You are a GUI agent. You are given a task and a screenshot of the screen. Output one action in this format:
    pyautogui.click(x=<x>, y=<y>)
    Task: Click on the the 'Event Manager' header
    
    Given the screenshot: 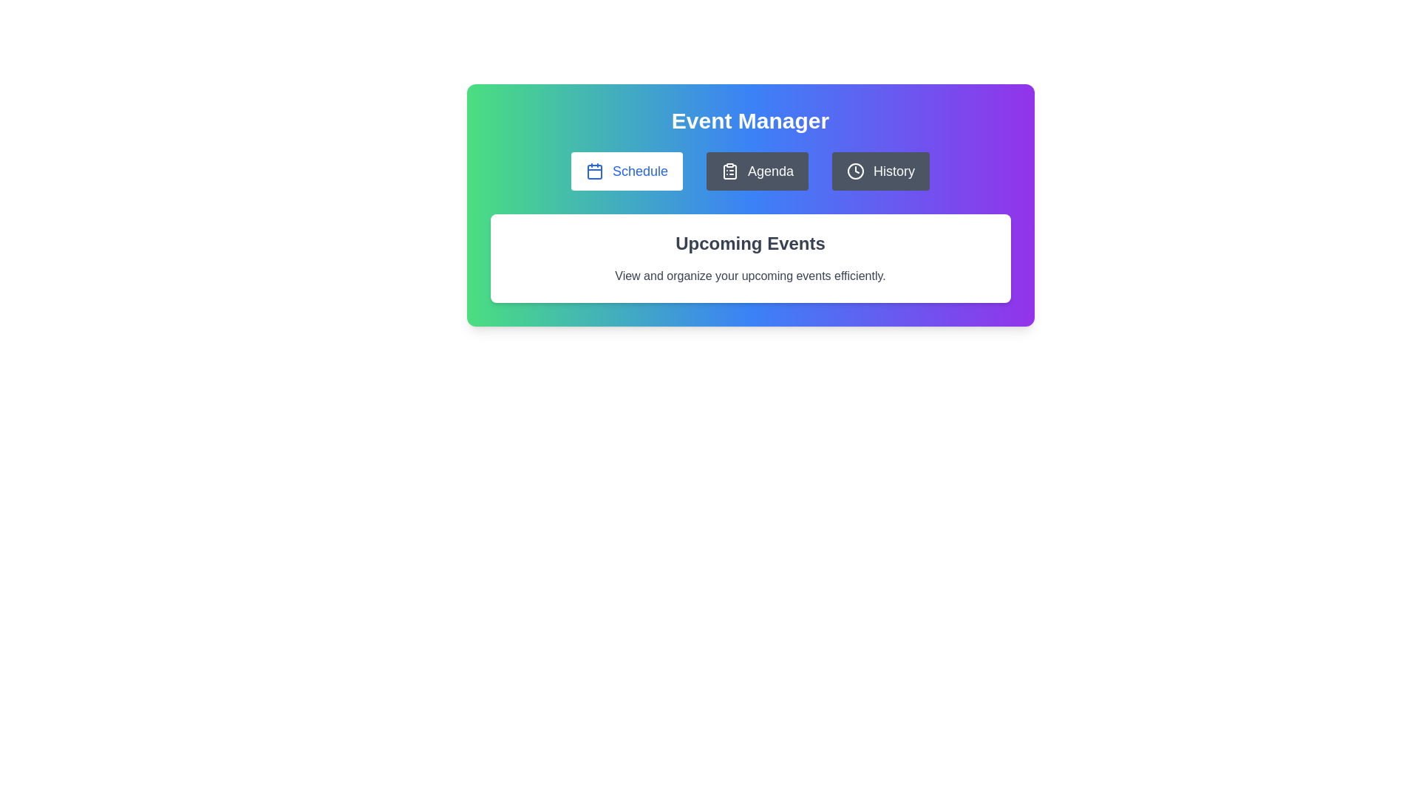 What is the action you would take?
    pyautogui.click(x=750, y=120)
    